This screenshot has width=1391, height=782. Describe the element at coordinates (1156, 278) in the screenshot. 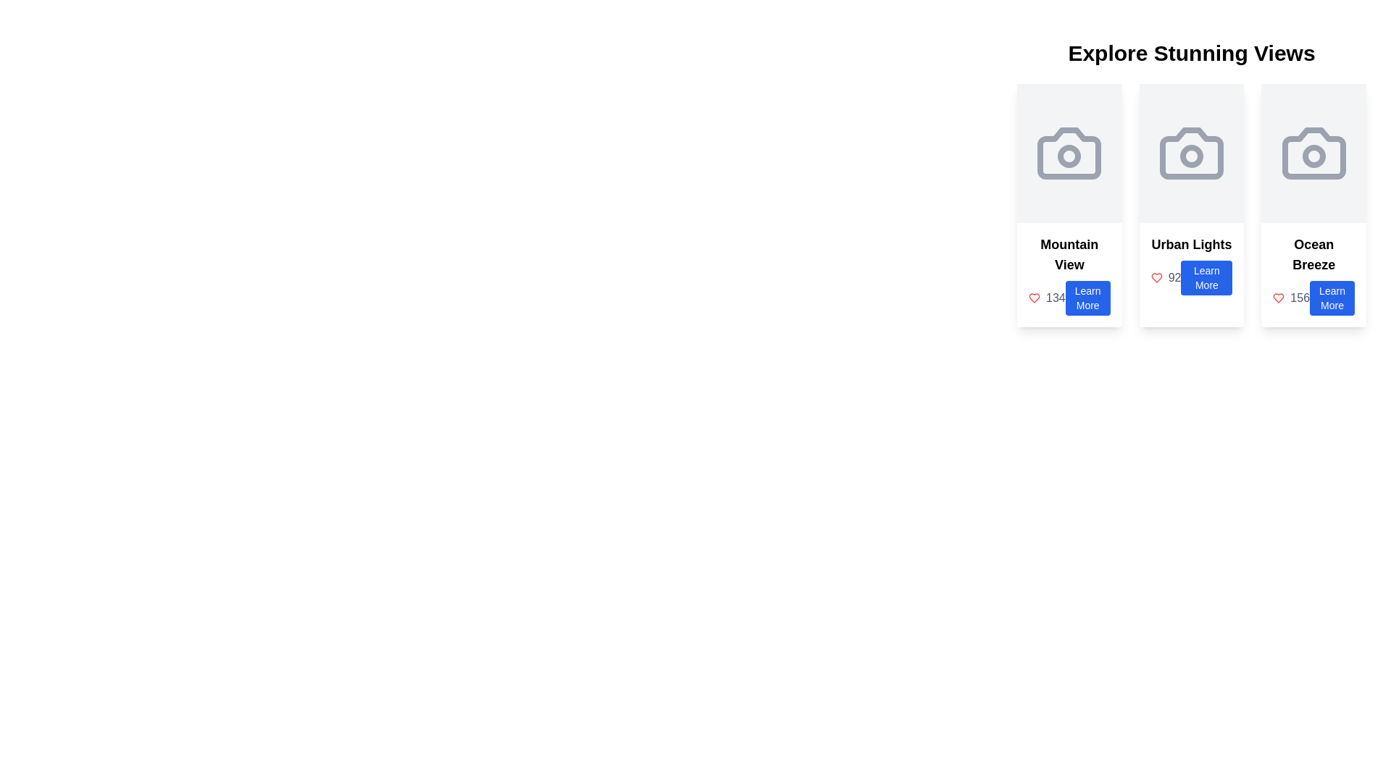

I see `the red-colored heart icon located next to the number '92' within the 'Urban Lights' card to indicate likes or favorites` at that location.